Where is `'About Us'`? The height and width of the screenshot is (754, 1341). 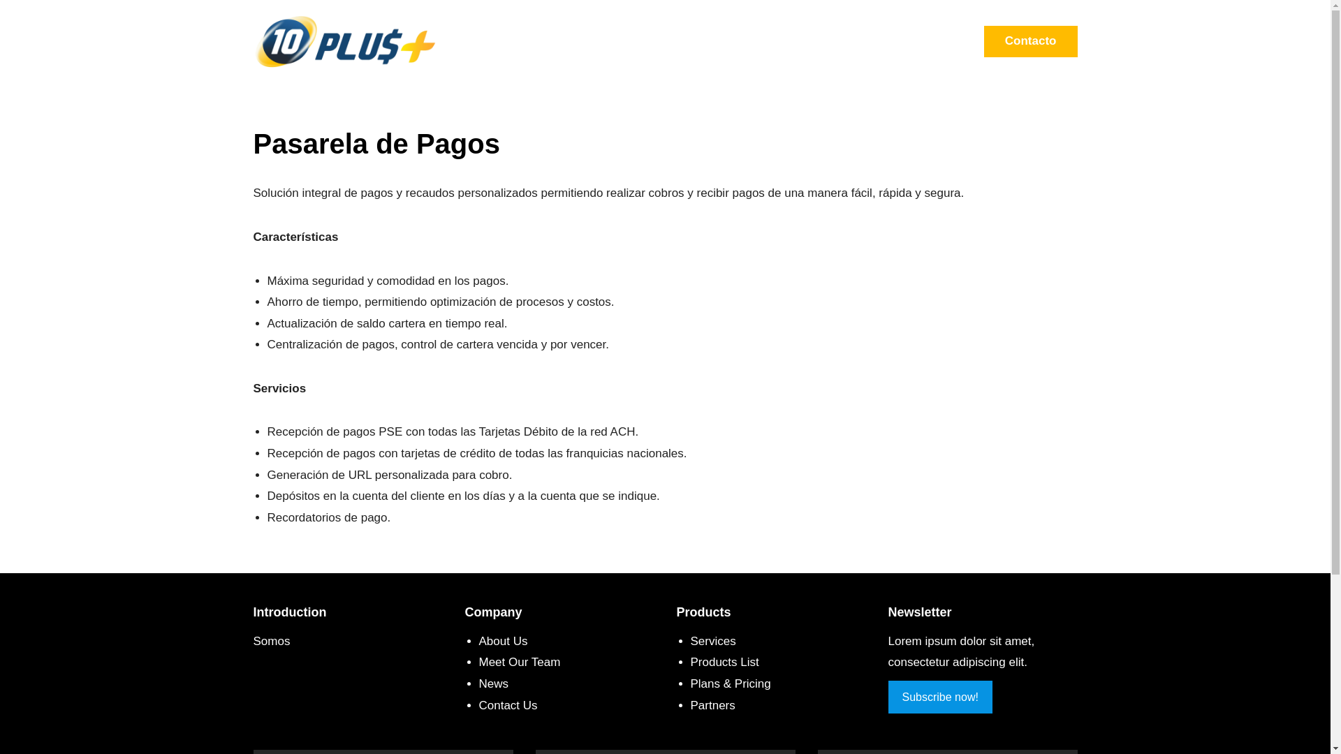
'About Us' is located at coordinates (503, 641).